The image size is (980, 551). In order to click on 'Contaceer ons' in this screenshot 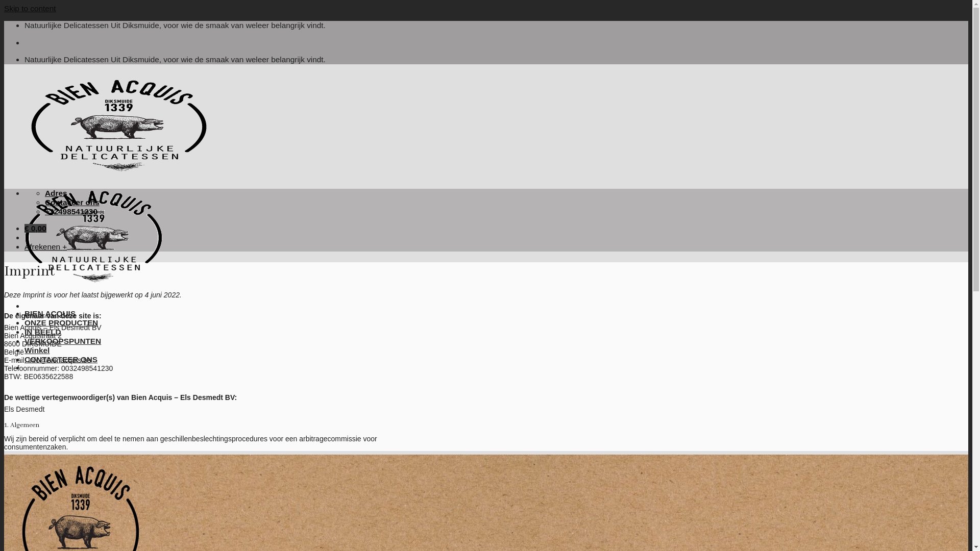, I will do `click(71, 202)`.